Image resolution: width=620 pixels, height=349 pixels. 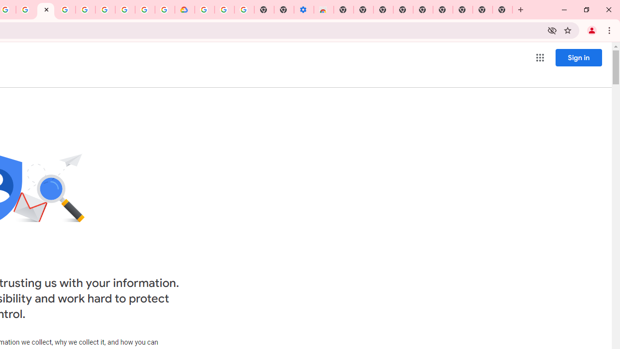 I want to click on 'Chrome Web Store - Accessibility extensions', so click(x=324, y=10).